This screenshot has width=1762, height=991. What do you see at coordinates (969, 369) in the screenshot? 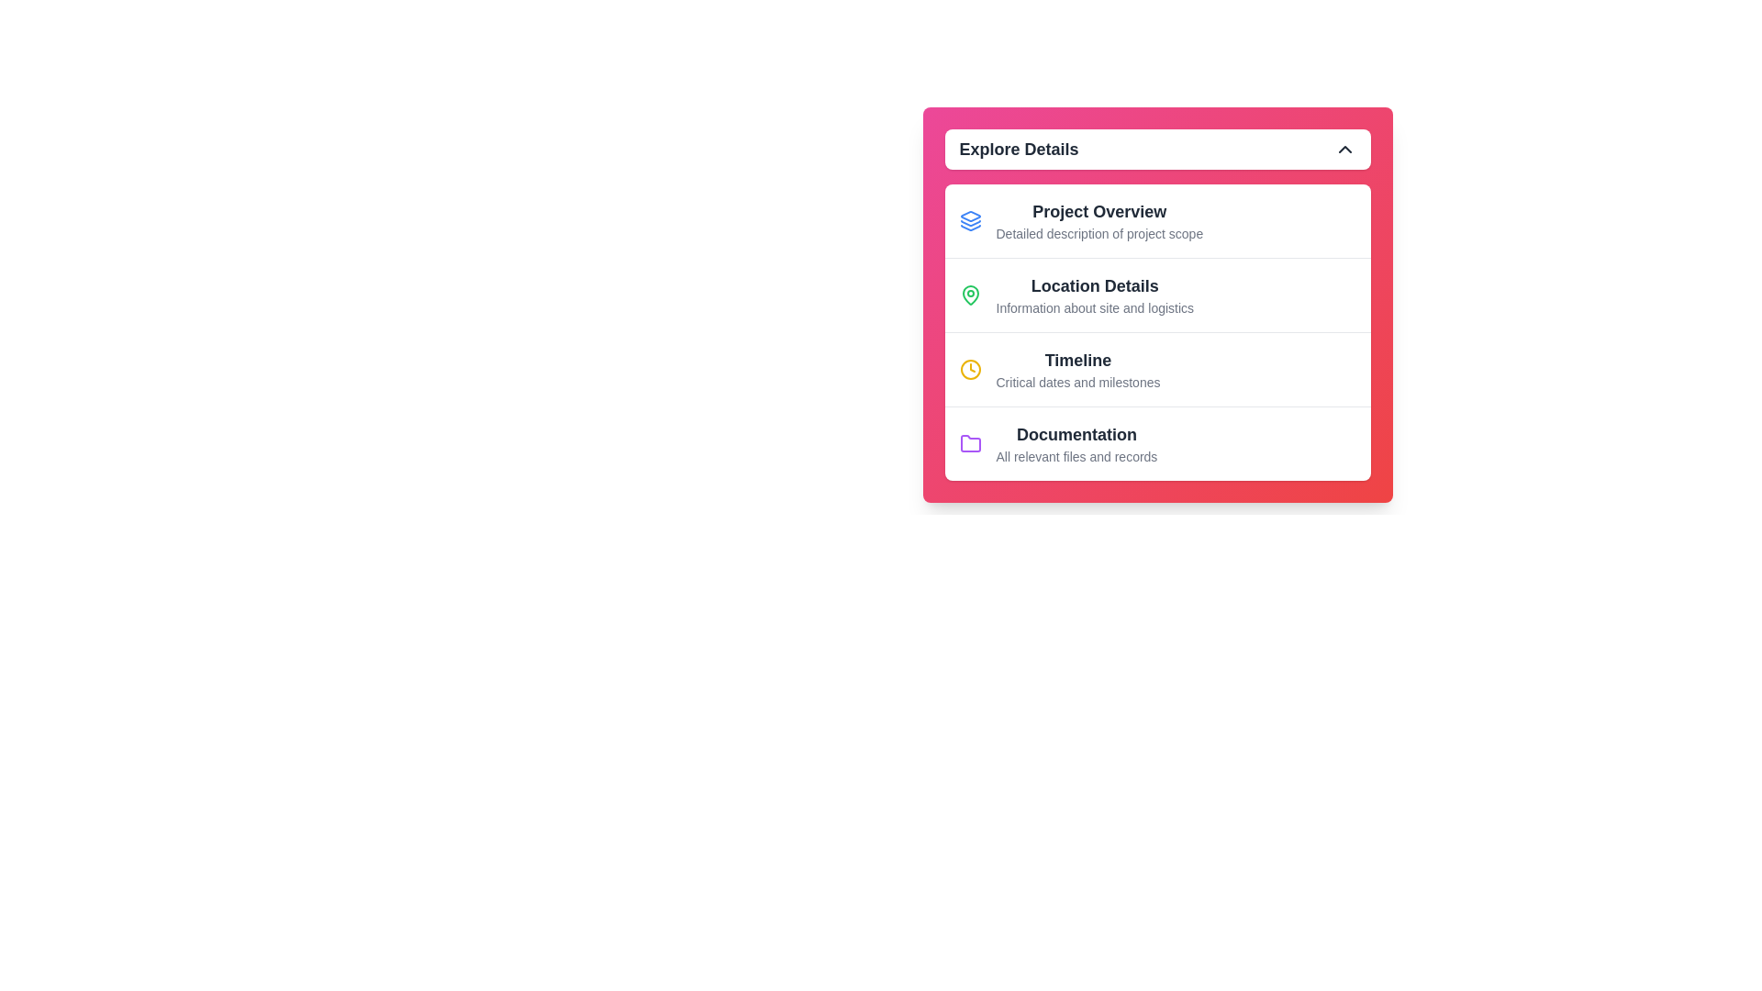
I see `the interactive area of the yellow circular outer rim of the clock icon, located to the left of the 'Timeline' label in the third row of the menu interface` at bounding box center [969, 369].